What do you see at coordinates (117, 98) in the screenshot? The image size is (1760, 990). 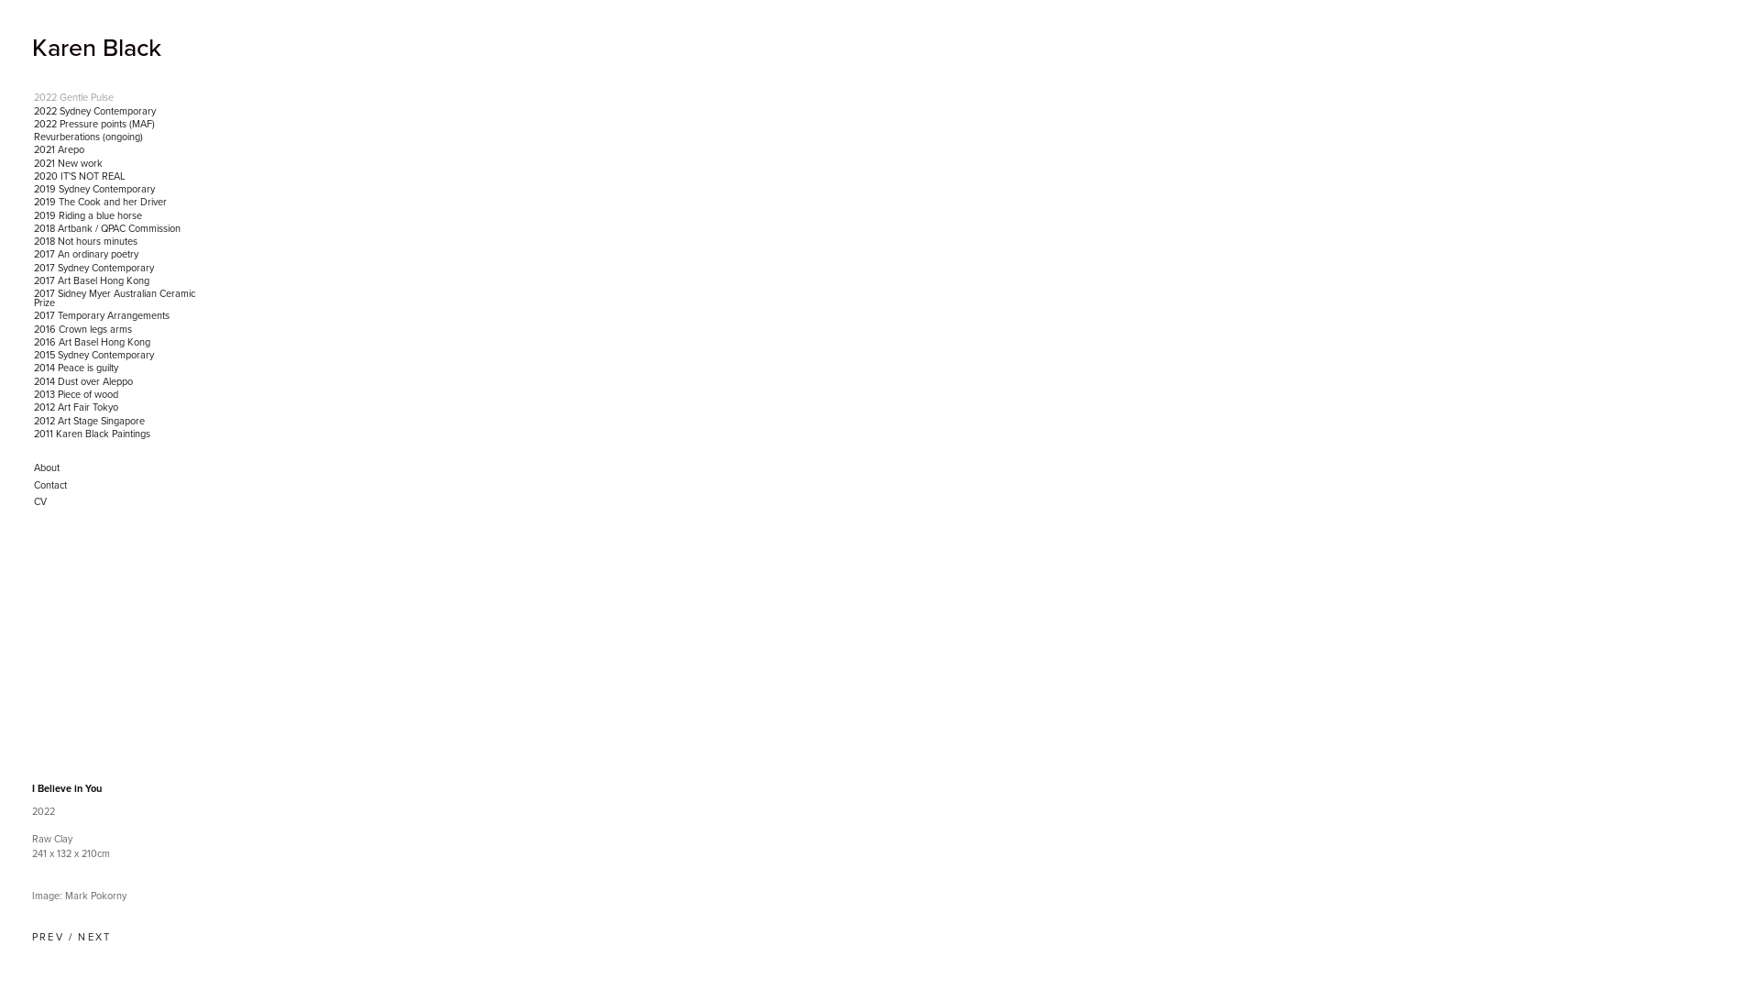 I see `'2022 Gentle Pulse'` at bounding box center [117, 98].